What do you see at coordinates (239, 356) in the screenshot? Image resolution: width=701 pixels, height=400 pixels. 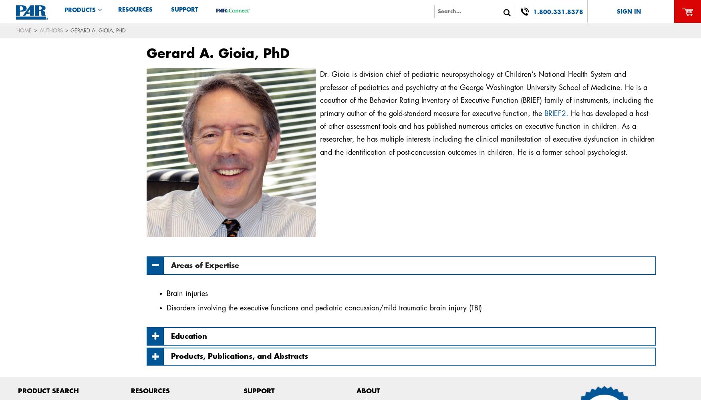 I see `'Products, Publications, and Abstracts'` at bounding box center [239, 356].